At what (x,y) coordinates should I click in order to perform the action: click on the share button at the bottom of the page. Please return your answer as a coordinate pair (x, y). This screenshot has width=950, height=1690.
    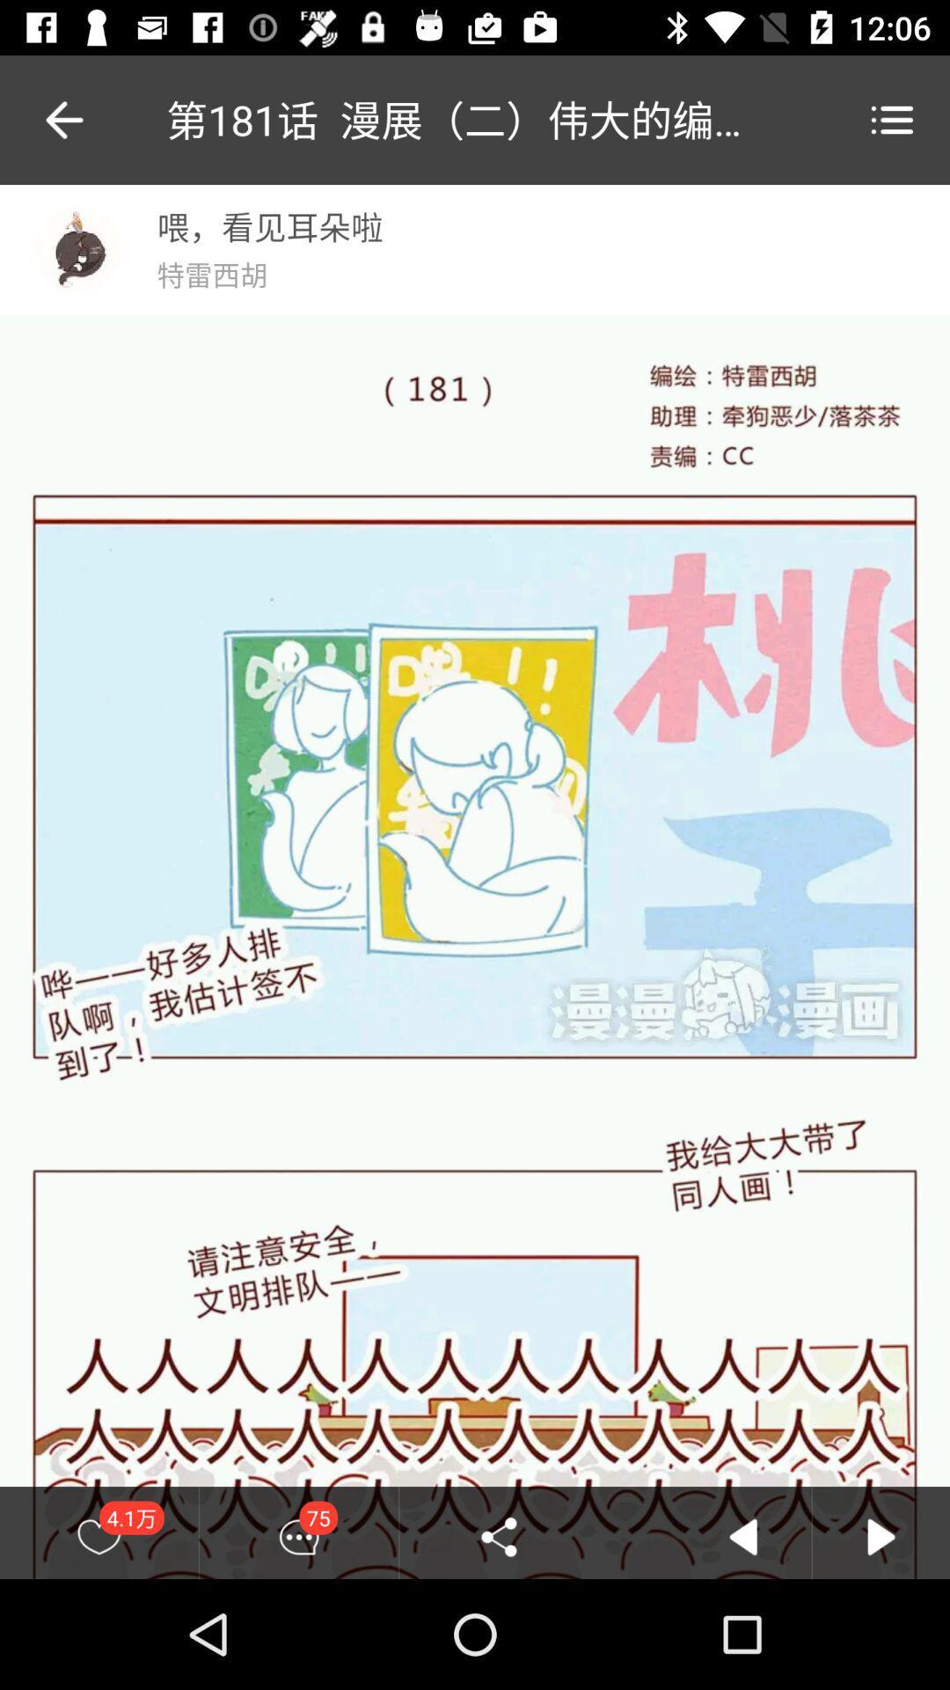
    Looking at the image, I should click on (499, 1536).